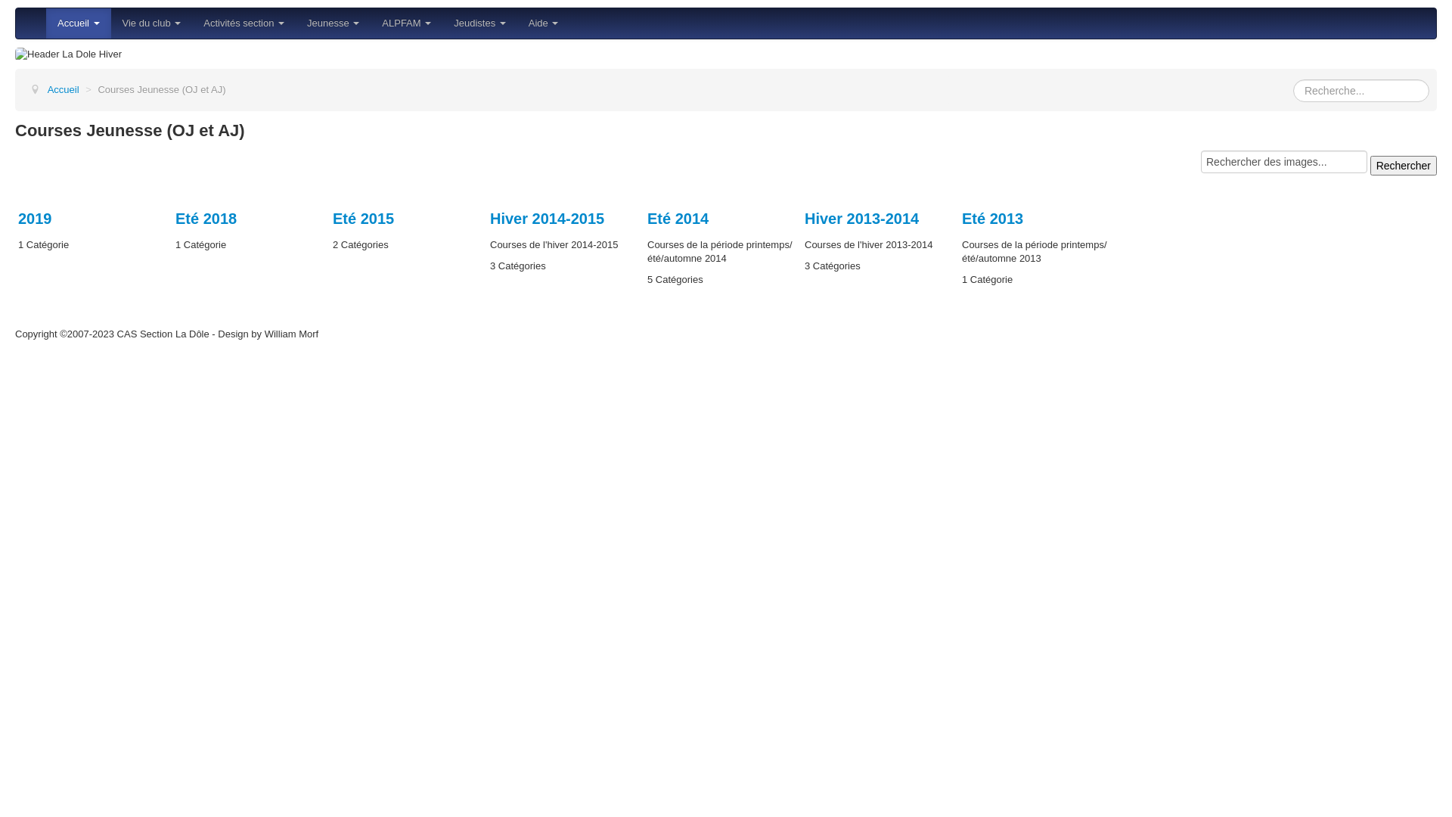 This screenshot has height=817, width=1452. What do you see at coordinates (406, 23) in the screenshot?
I see `'ALPFAM'` at bounding box center [406, 23].